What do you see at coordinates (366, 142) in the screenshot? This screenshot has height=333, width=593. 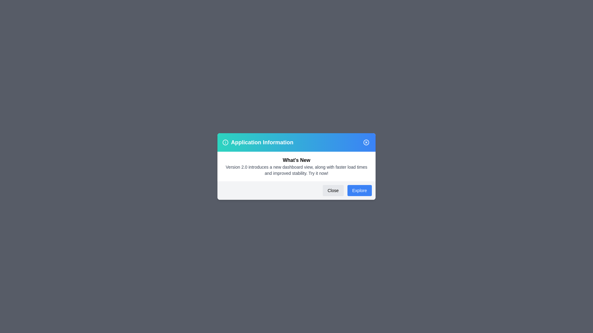 I see `the close button in the header of the dialog` at bounding box center [366, 142].